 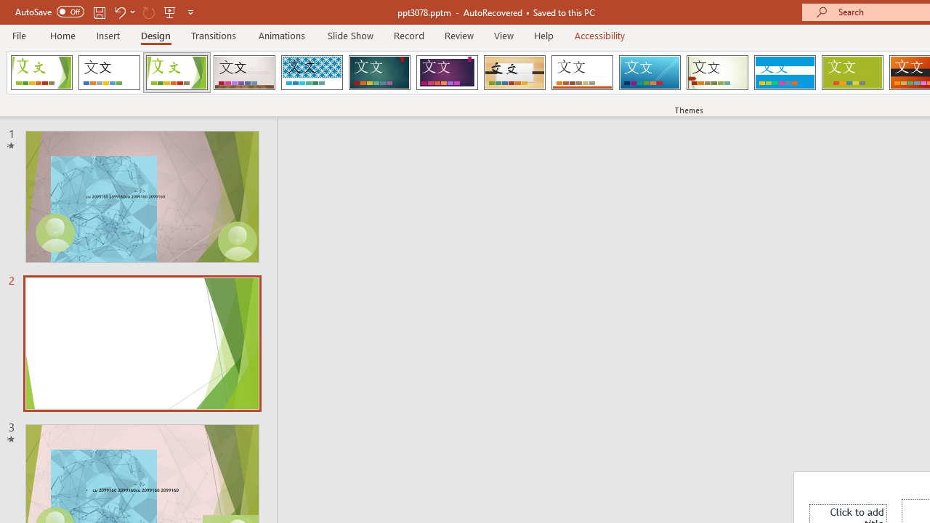 What do you see at coordinates (379, 73) in the screenshot?
I see `'Ion'` at bounding box center [379, 73].